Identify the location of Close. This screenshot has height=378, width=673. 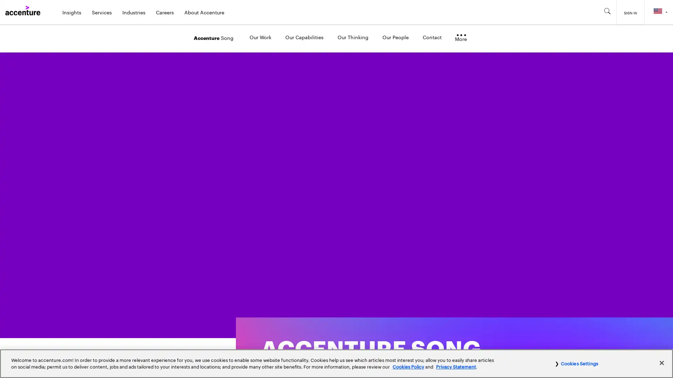
(661, 362).